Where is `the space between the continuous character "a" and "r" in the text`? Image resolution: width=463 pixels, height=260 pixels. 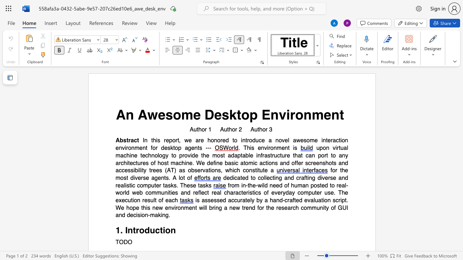 the space between the continuous character "a" and "r" in the text is located at coordinates (118, 163).